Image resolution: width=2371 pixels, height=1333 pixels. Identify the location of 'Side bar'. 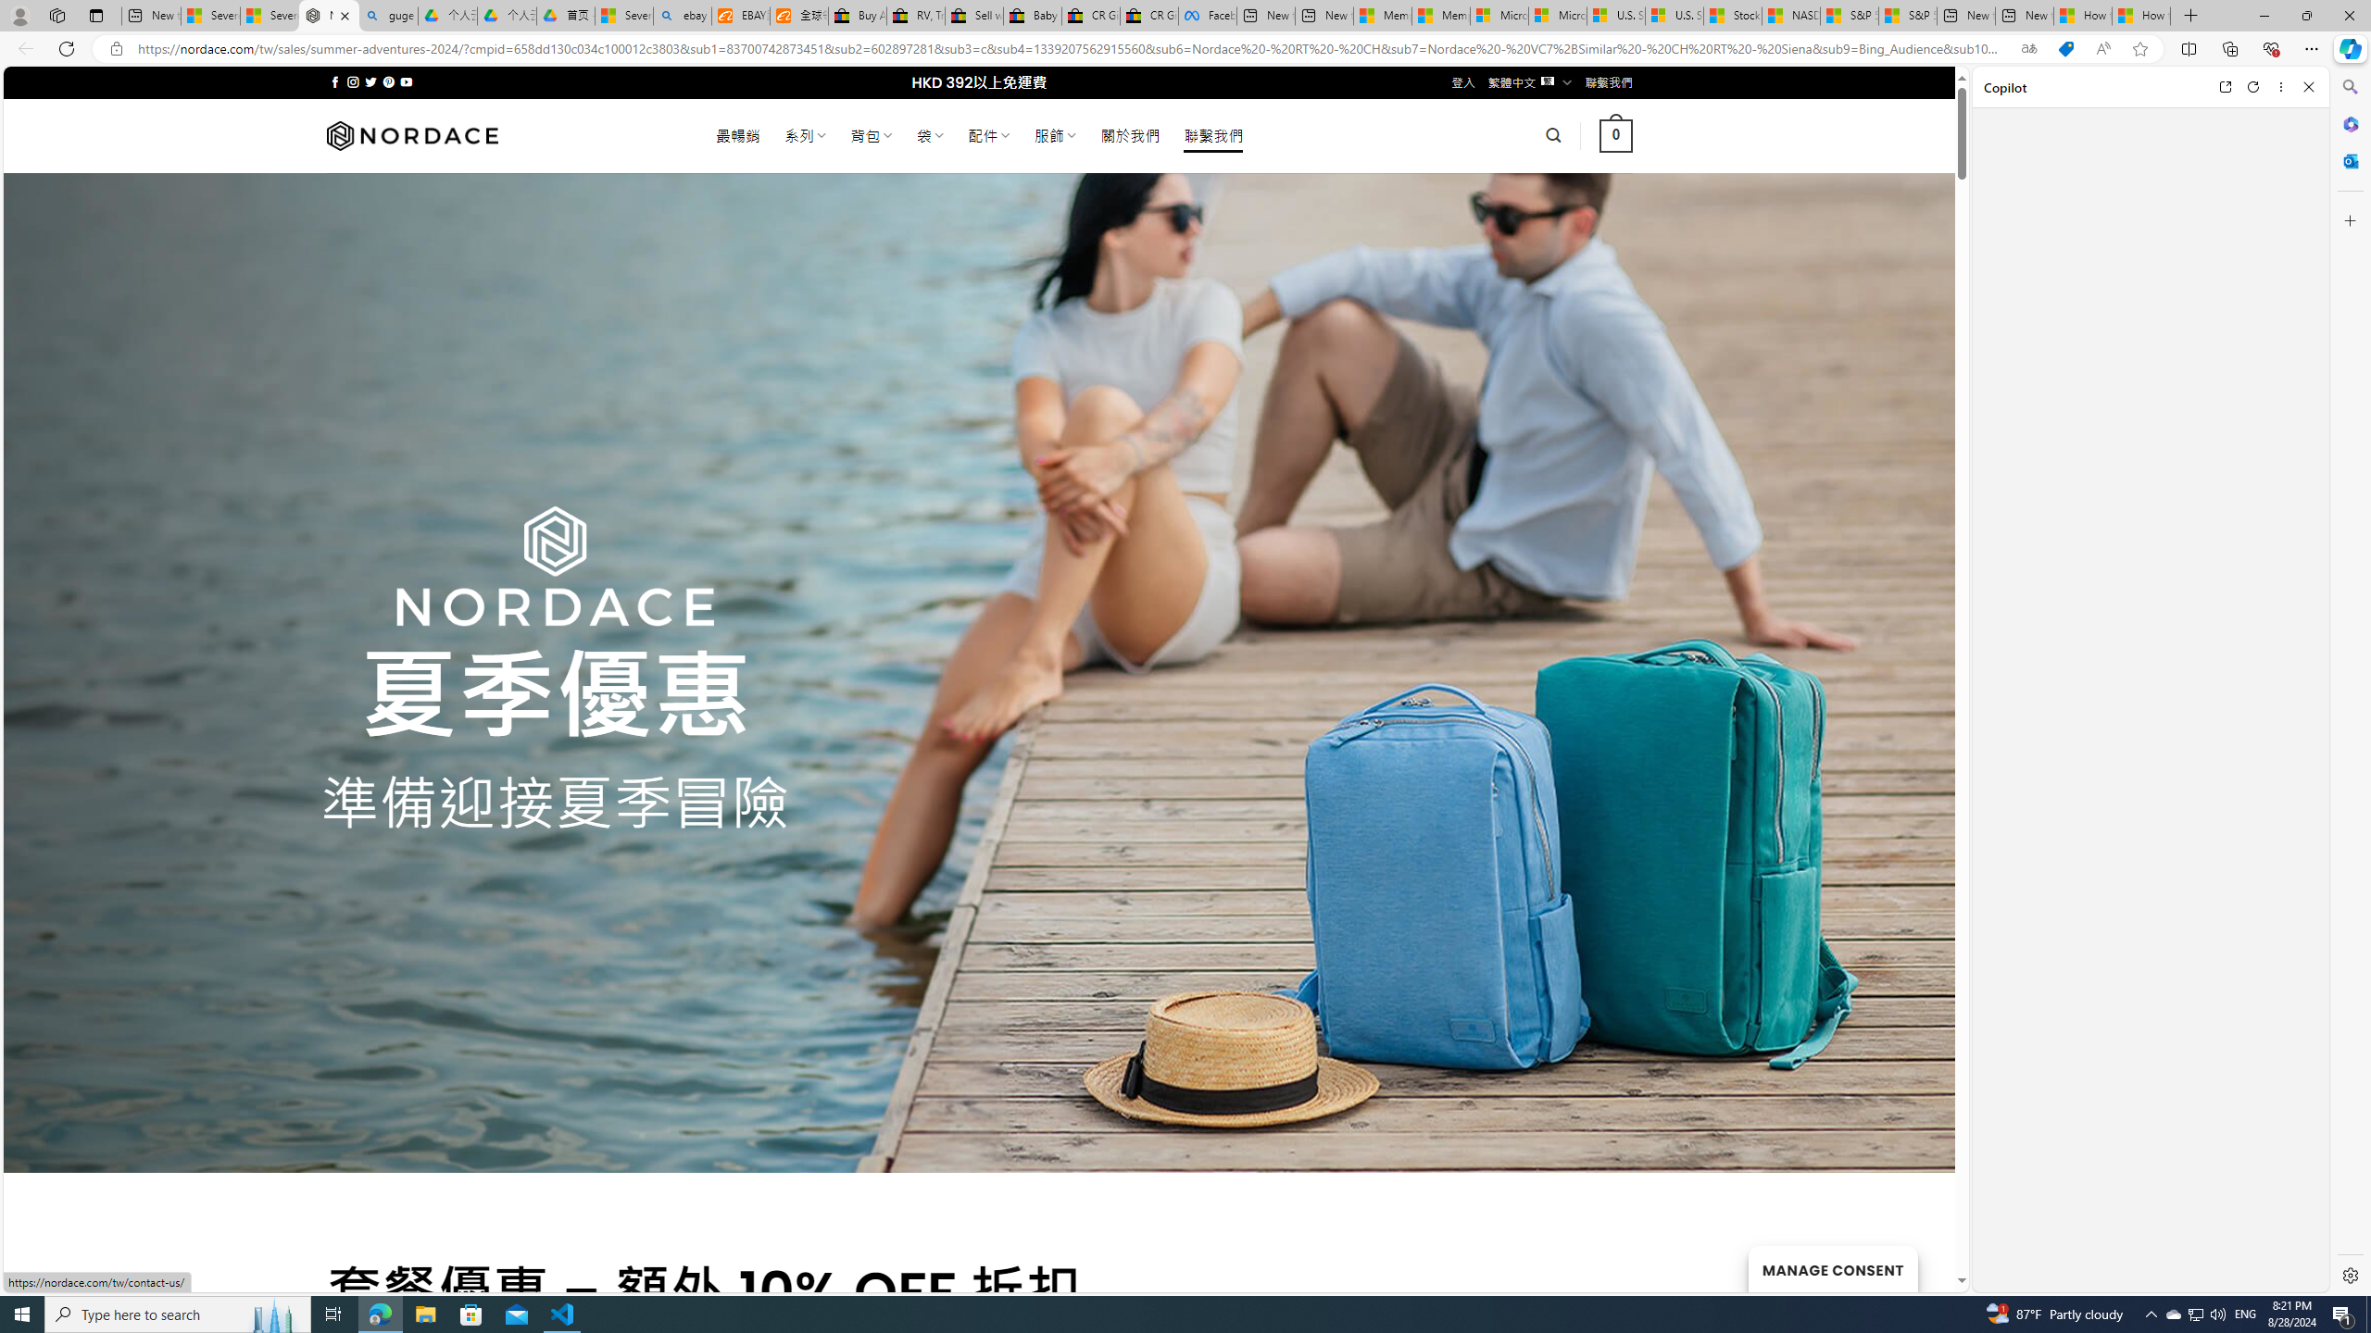
(2350, 680).